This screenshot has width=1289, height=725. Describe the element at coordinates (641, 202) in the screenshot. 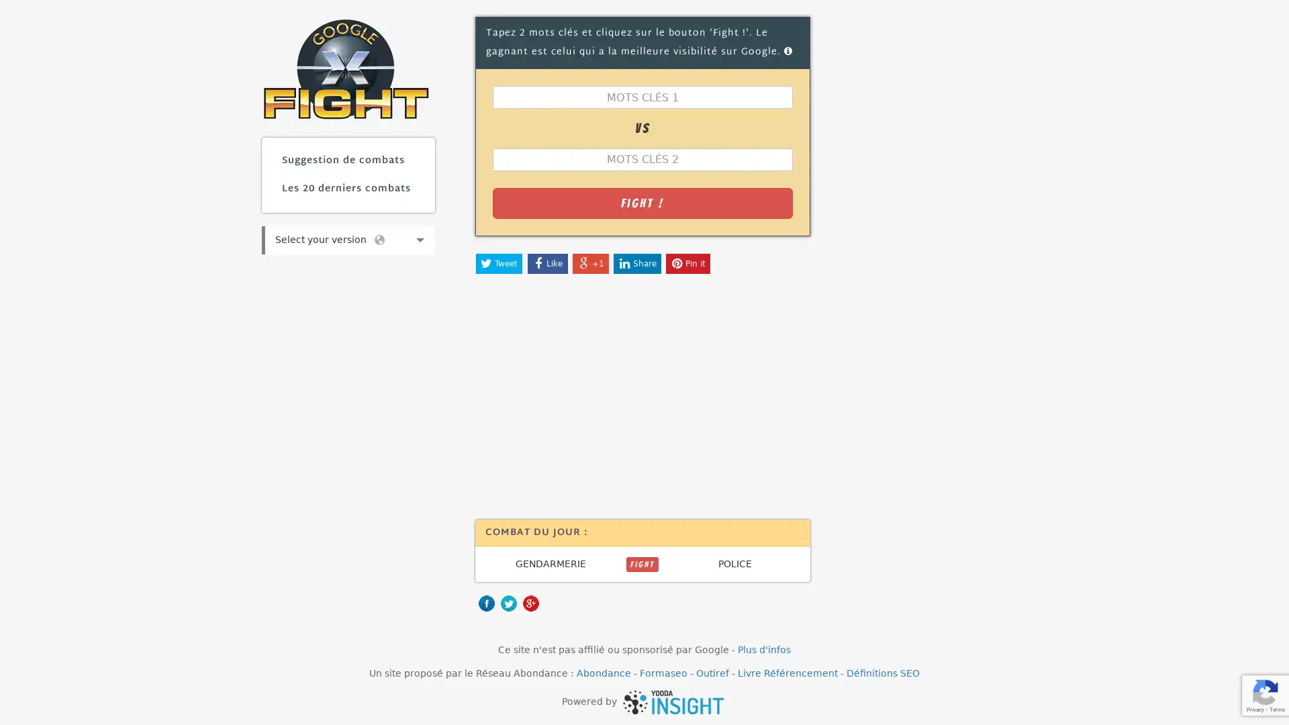

I see `Fight !` at that location.